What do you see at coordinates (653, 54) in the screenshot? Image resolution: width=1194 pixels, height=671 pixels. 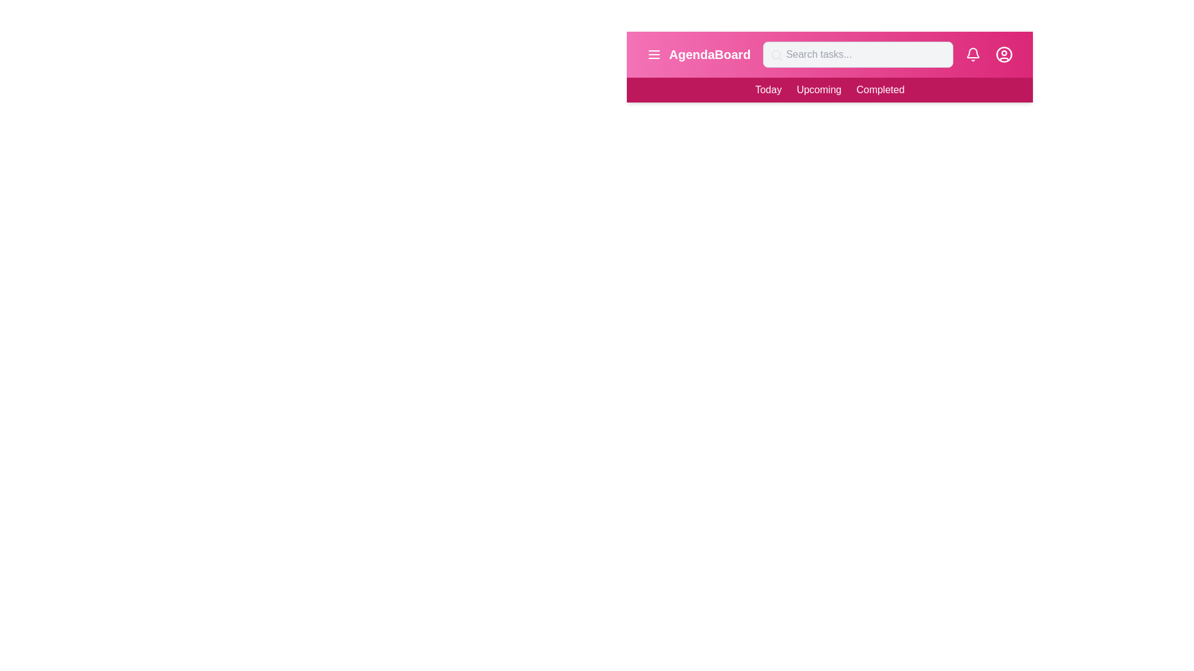 I see `menu icon to toggle the menu visibility` at bounding box center [653, 54].